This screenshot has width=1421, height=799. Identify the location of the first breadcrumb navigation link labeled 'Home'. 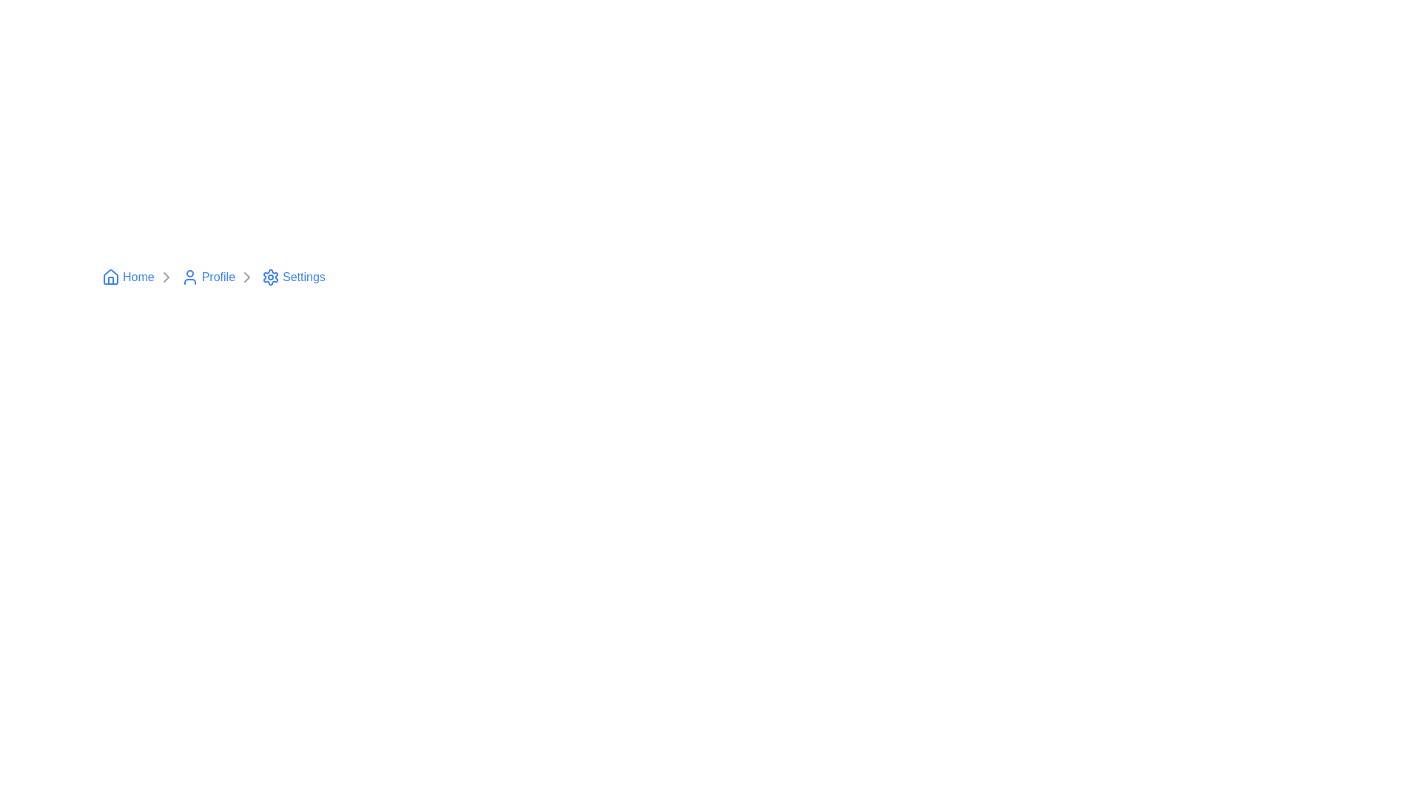
(138, 277).